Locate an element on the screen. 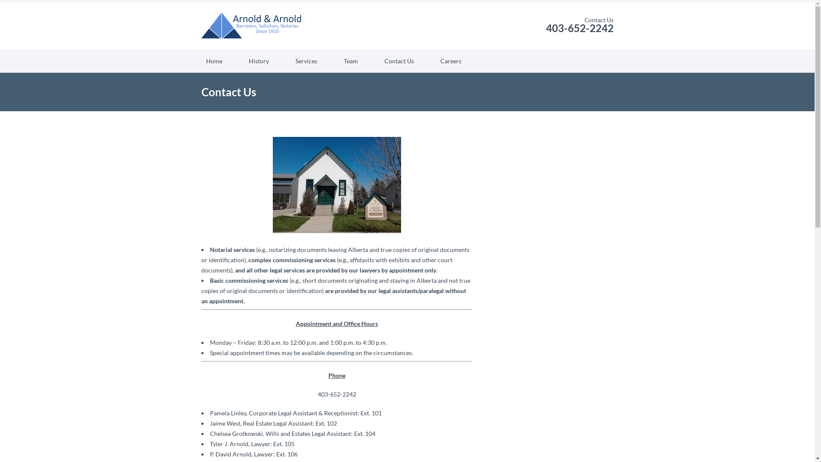  '403-652-2242' is located at coordinates (579, 27).